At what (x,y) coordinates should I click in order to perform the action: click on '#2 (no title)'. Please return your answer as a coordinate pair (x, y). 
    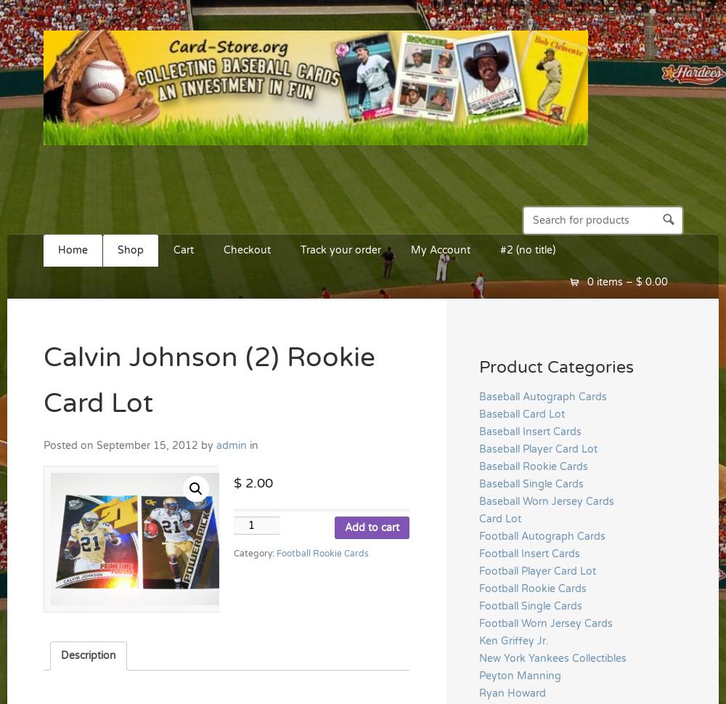
    Looking at the image, I should click on (527, 248).